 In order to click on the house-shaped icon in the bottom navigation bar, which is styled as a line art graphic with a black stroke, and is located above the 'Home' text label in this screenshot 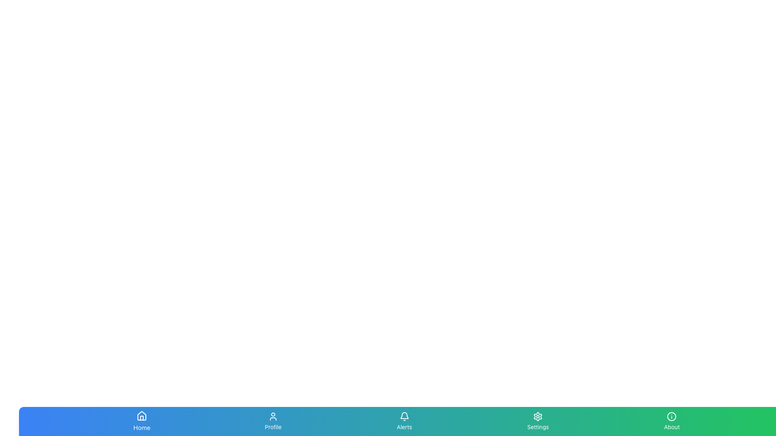, I will do `click(142, 416)`.